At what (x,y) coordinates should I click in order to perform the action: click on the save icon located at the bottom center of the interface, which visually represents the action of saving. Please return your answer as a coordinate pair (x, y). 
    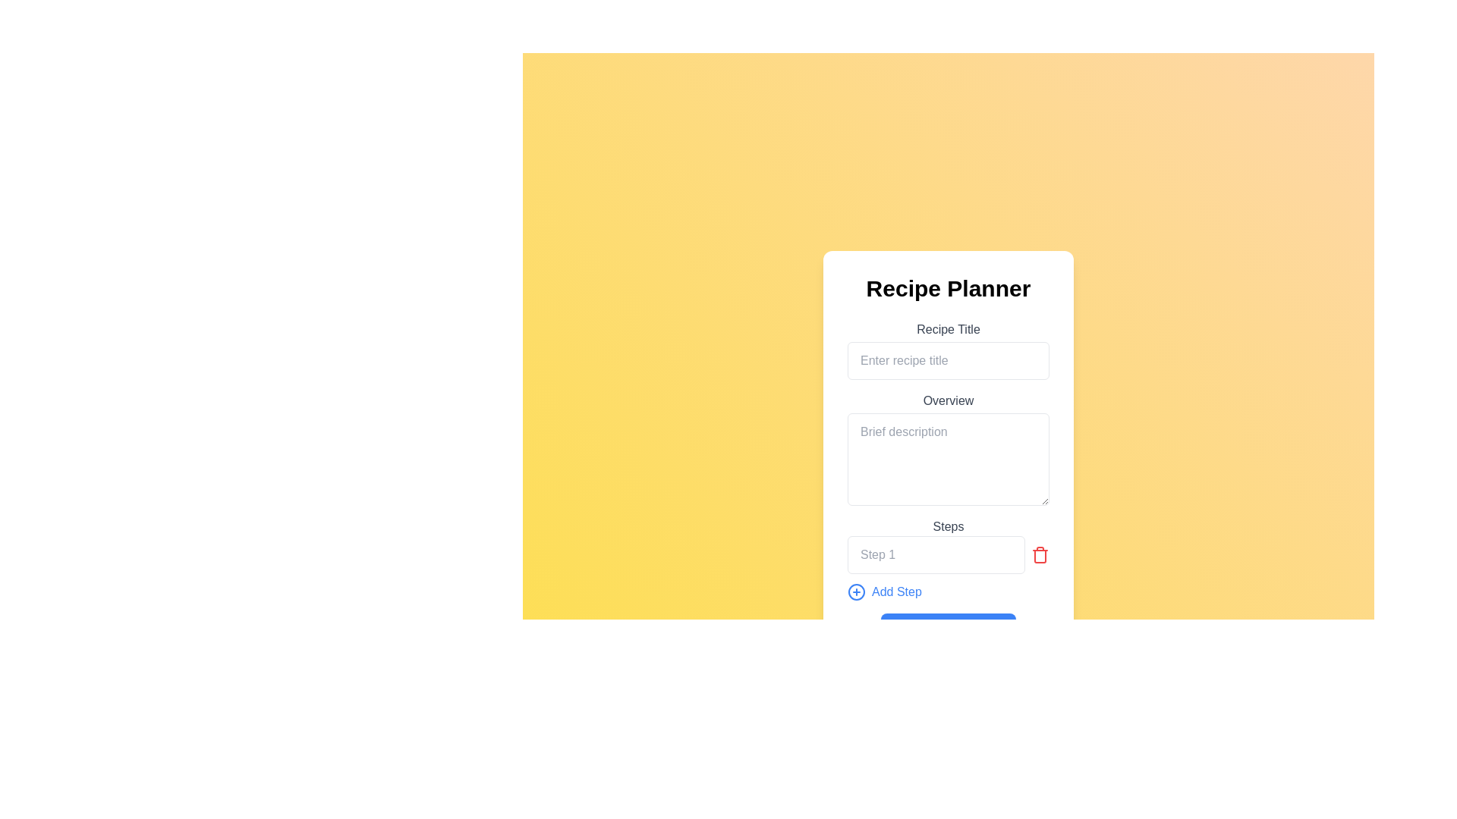
    Looking at the image, I should click on (989, 632).